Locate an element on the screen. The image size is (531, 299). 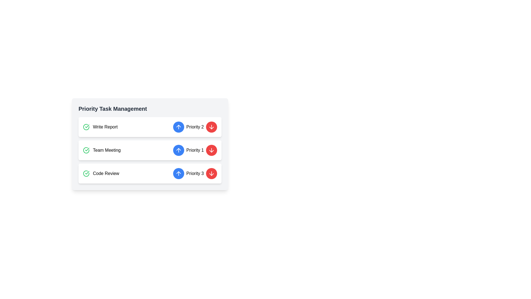
the 'Write Report' task label with the green check icon, which is the first item in the 'Priority Task Management' card is located at coordinates (100, 127).